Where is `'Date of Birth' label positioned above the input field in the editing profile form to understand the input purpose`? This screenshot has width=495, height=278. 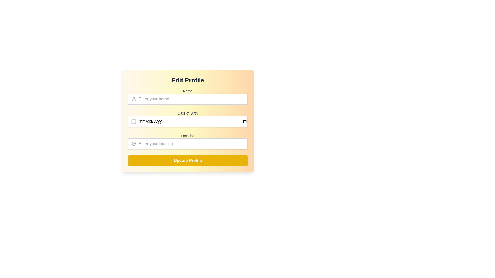 'Date of Birth' label positioned above the input field in the editing profile form to understand the input purpose is located at coordinates (187, 113).